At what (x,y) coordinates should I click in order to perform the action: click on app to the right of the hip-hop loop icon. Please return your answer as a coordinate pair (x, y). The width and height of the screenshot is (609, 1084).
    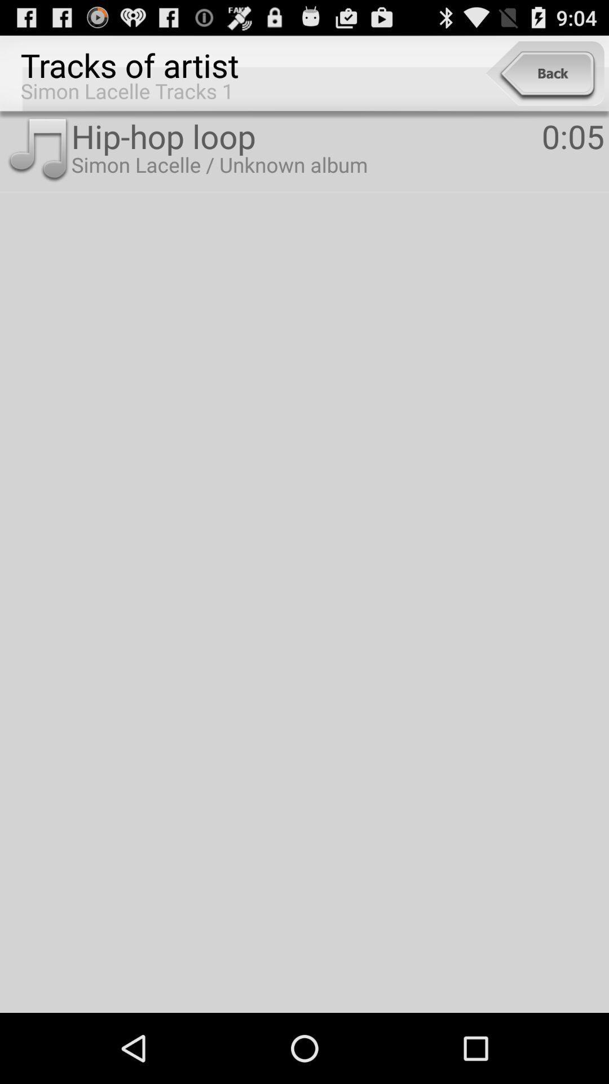
    Looking at the image, I should click on (573, 135).